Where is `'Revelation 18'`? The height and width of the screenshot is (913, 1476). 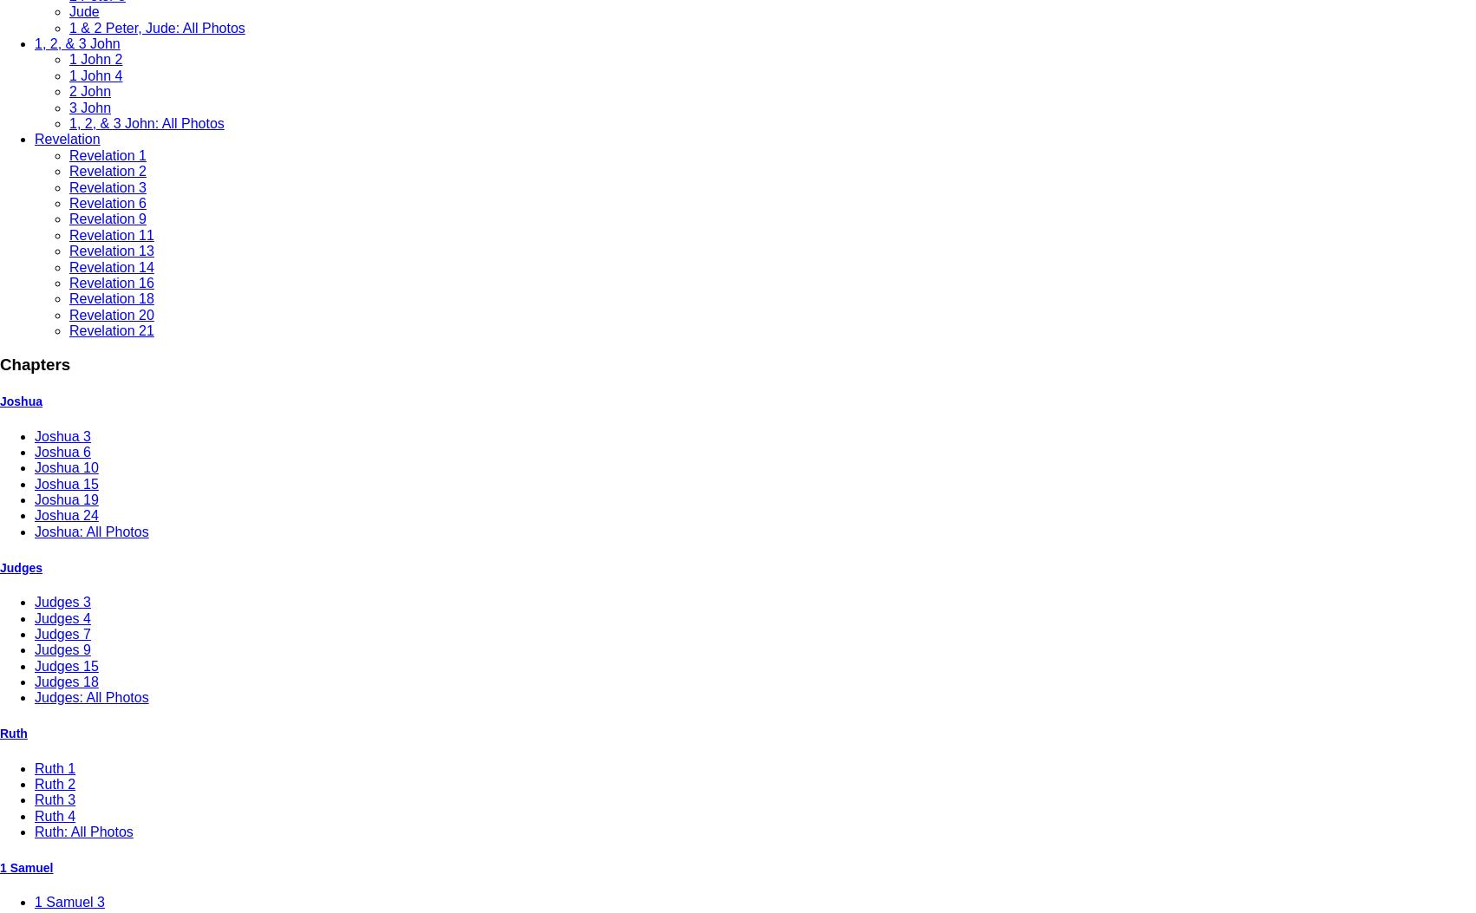
'Revelation 18' is located at coordinates (111, 297).